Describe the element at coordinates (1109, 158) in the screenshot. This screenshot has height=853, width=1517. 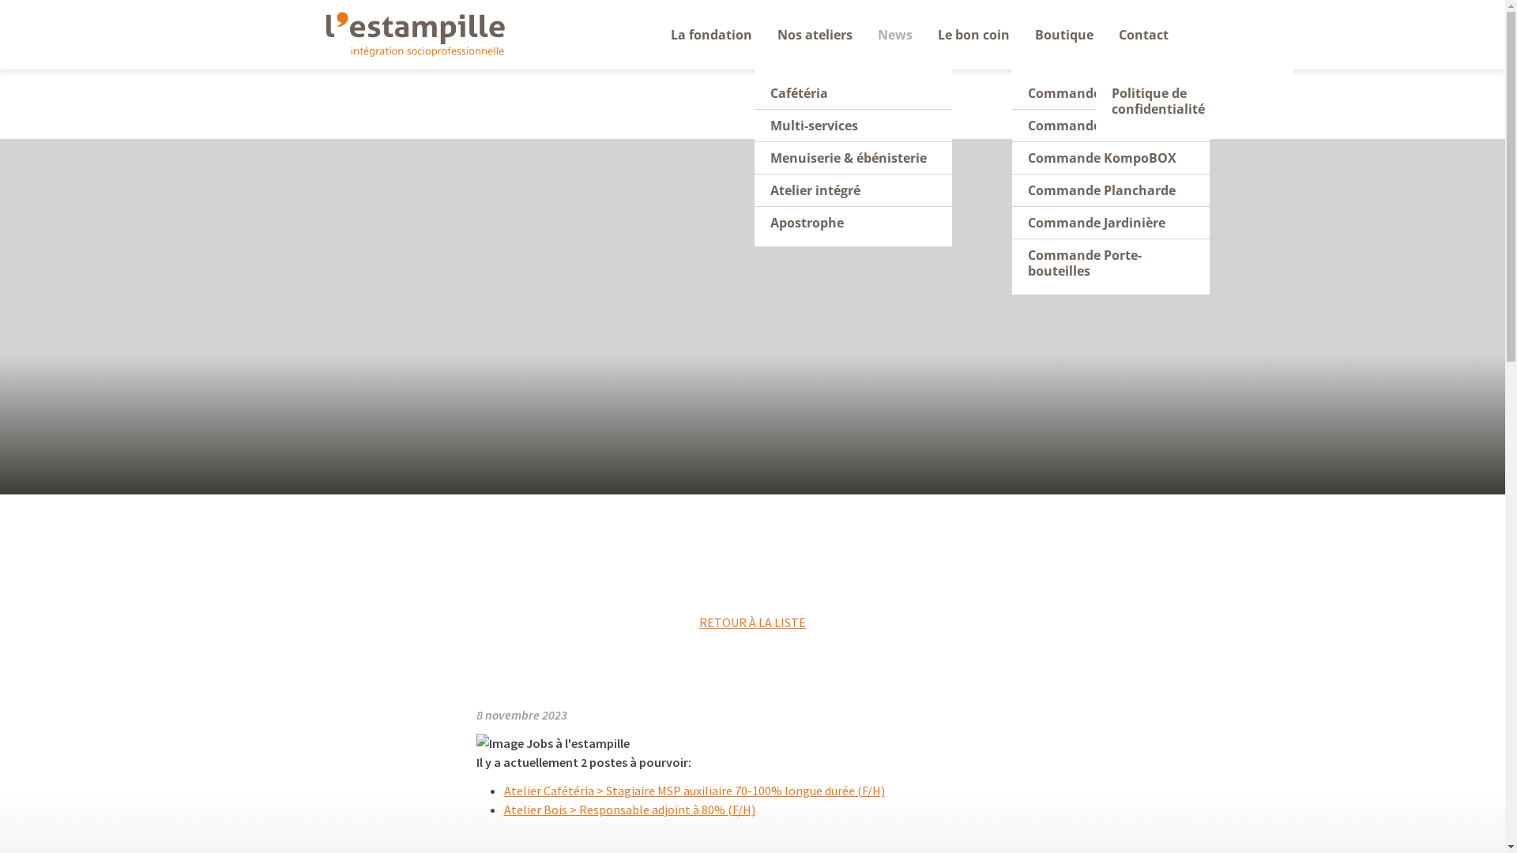
I see `'Commande KompoBOX'` at that location.